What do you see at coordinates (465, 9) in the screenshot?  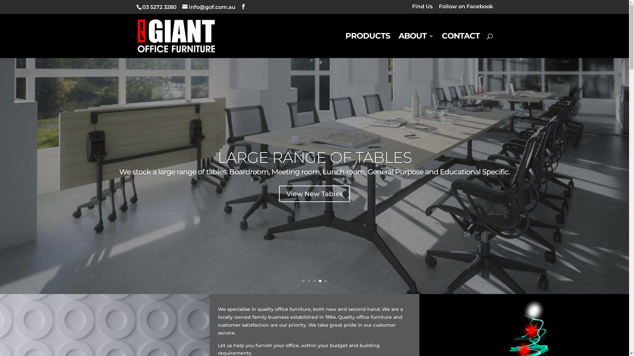 I see `'Follow on Facebook'` at bounding box center [465, 9].